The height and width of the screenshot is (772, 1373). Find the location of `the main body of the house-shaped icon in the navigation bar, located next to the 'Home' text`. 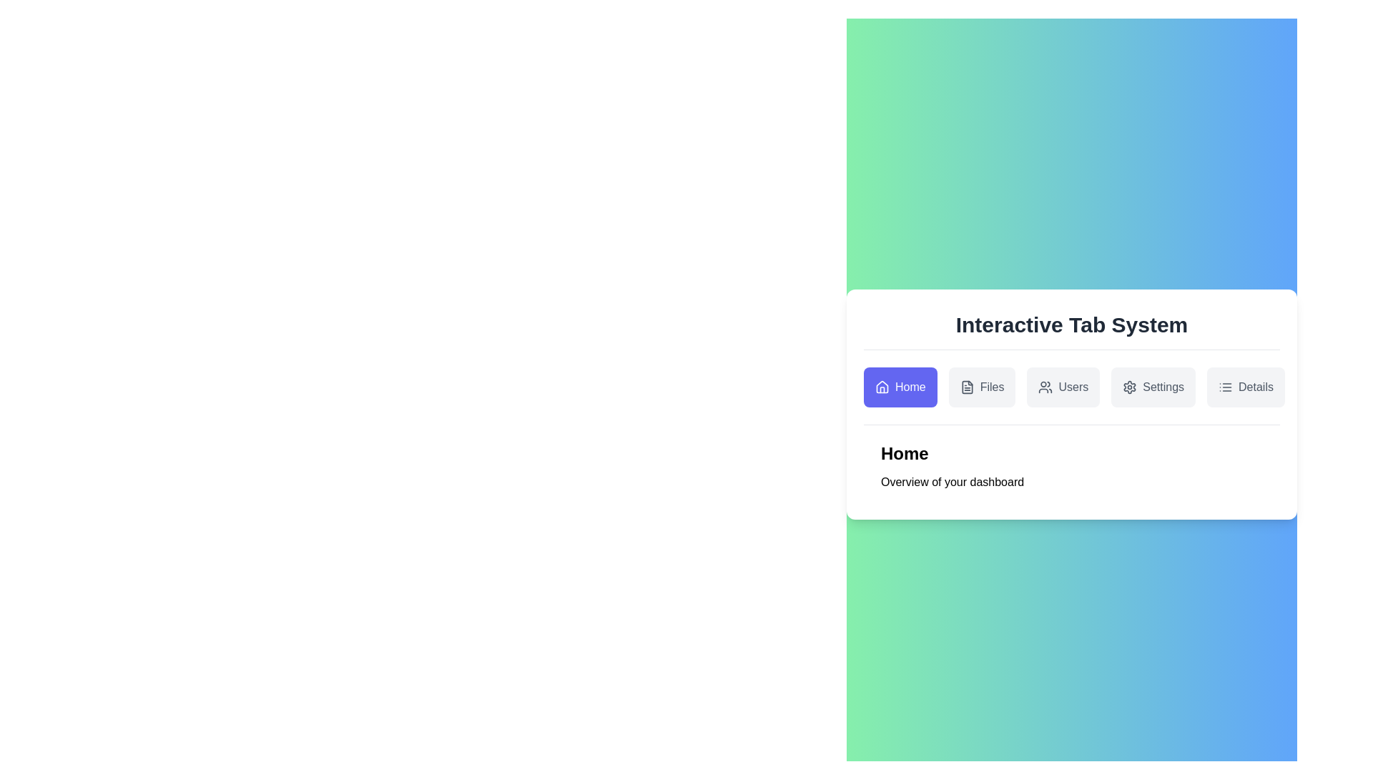

the main body of the house-shaped icon in the navigation bar, located next to the 'Home' text is located at coordinates (881, 386).